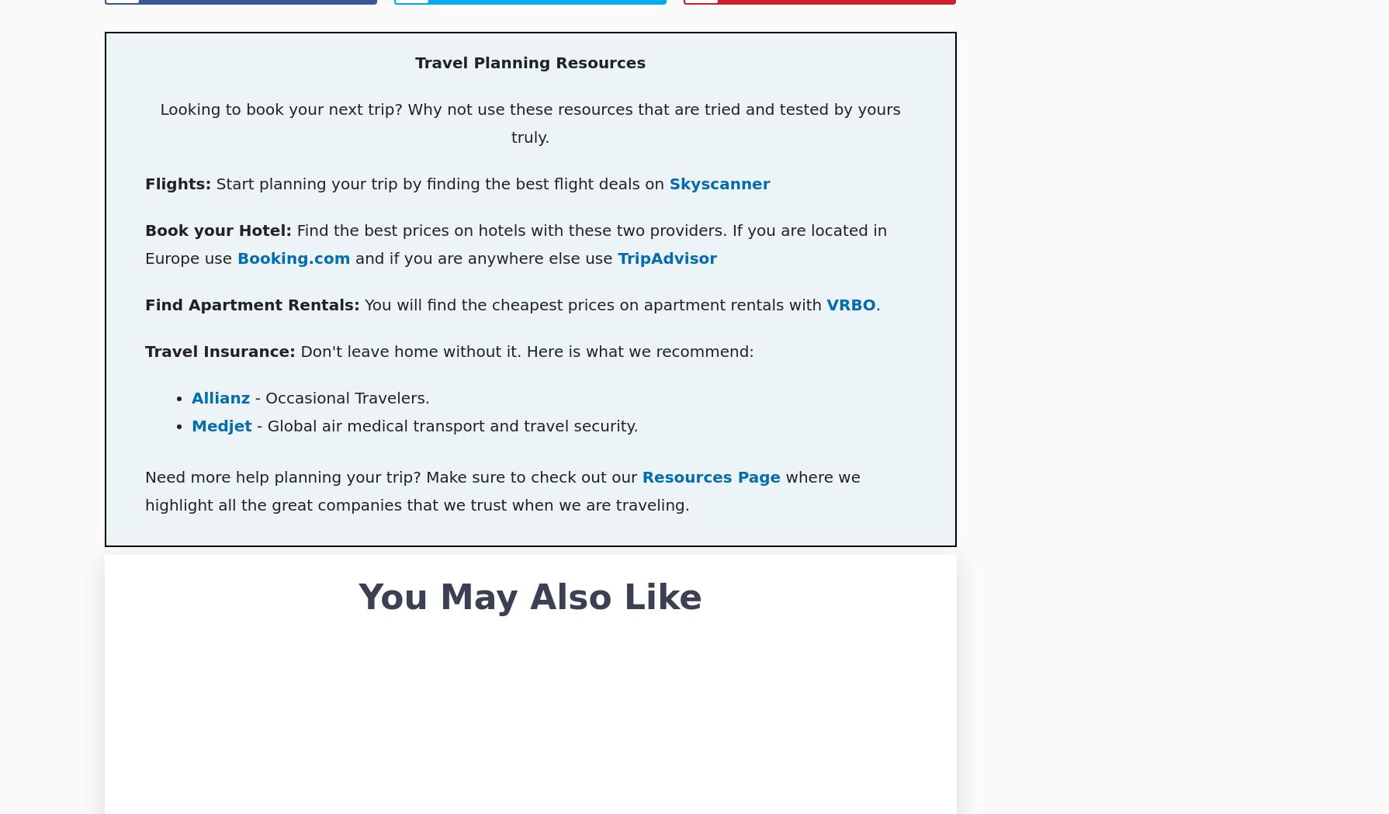 This screenshot has width=1389, height=814. What do you see at coordinates (514, 244) in the screenshot?
I see `'Find the best prices on hotels with these two providers. If you are located in Europe use'` at bounding box center [514, 244].